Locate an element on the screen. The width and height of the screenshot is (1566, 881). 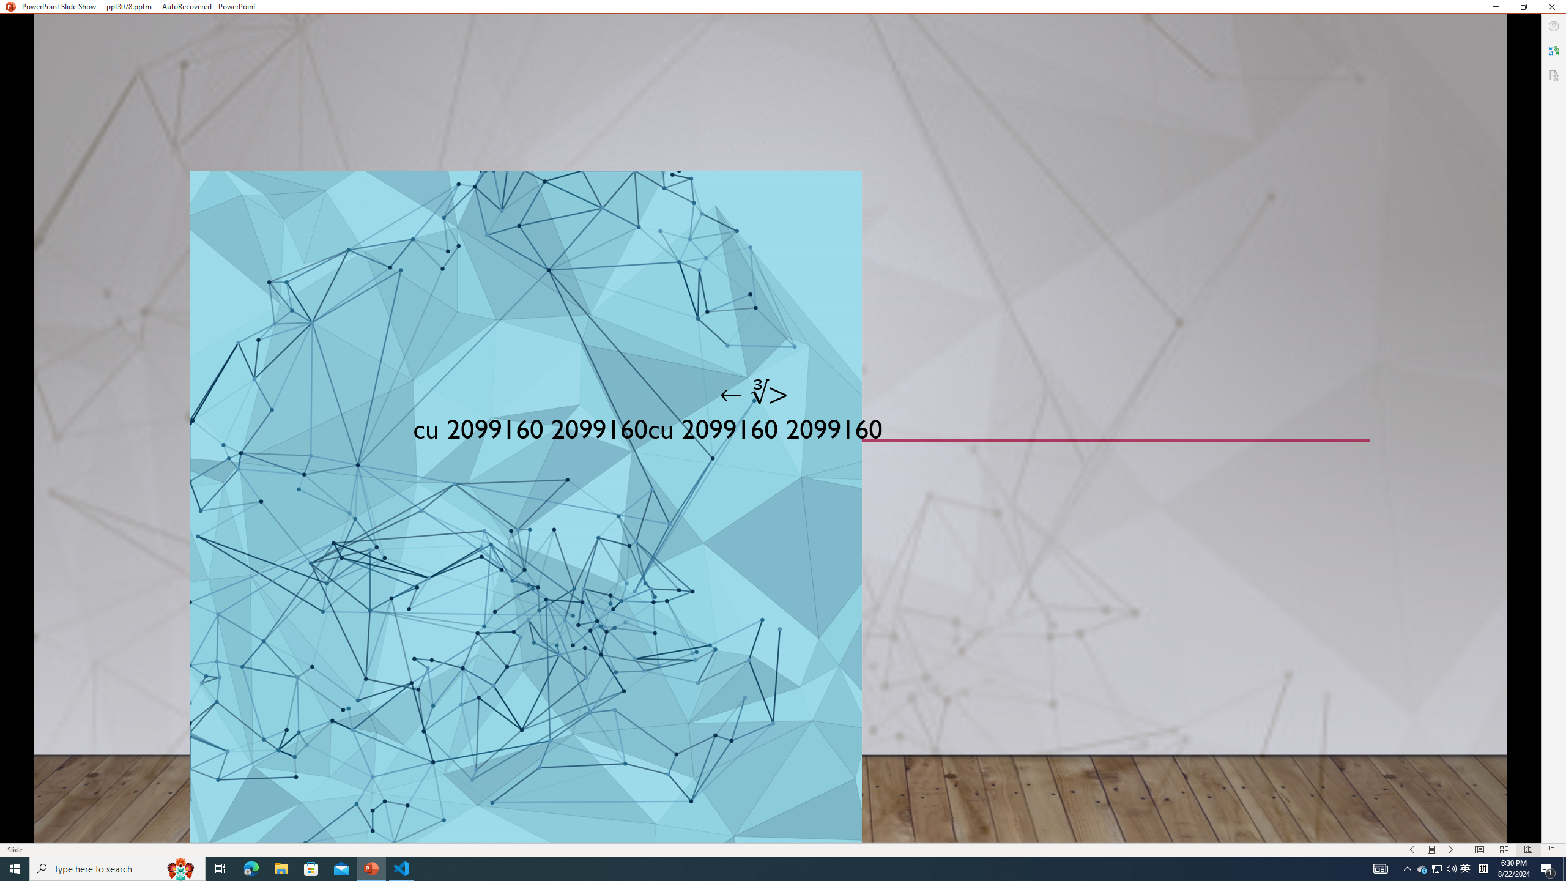
'Menu On' is located at coordinates (1431, 850).